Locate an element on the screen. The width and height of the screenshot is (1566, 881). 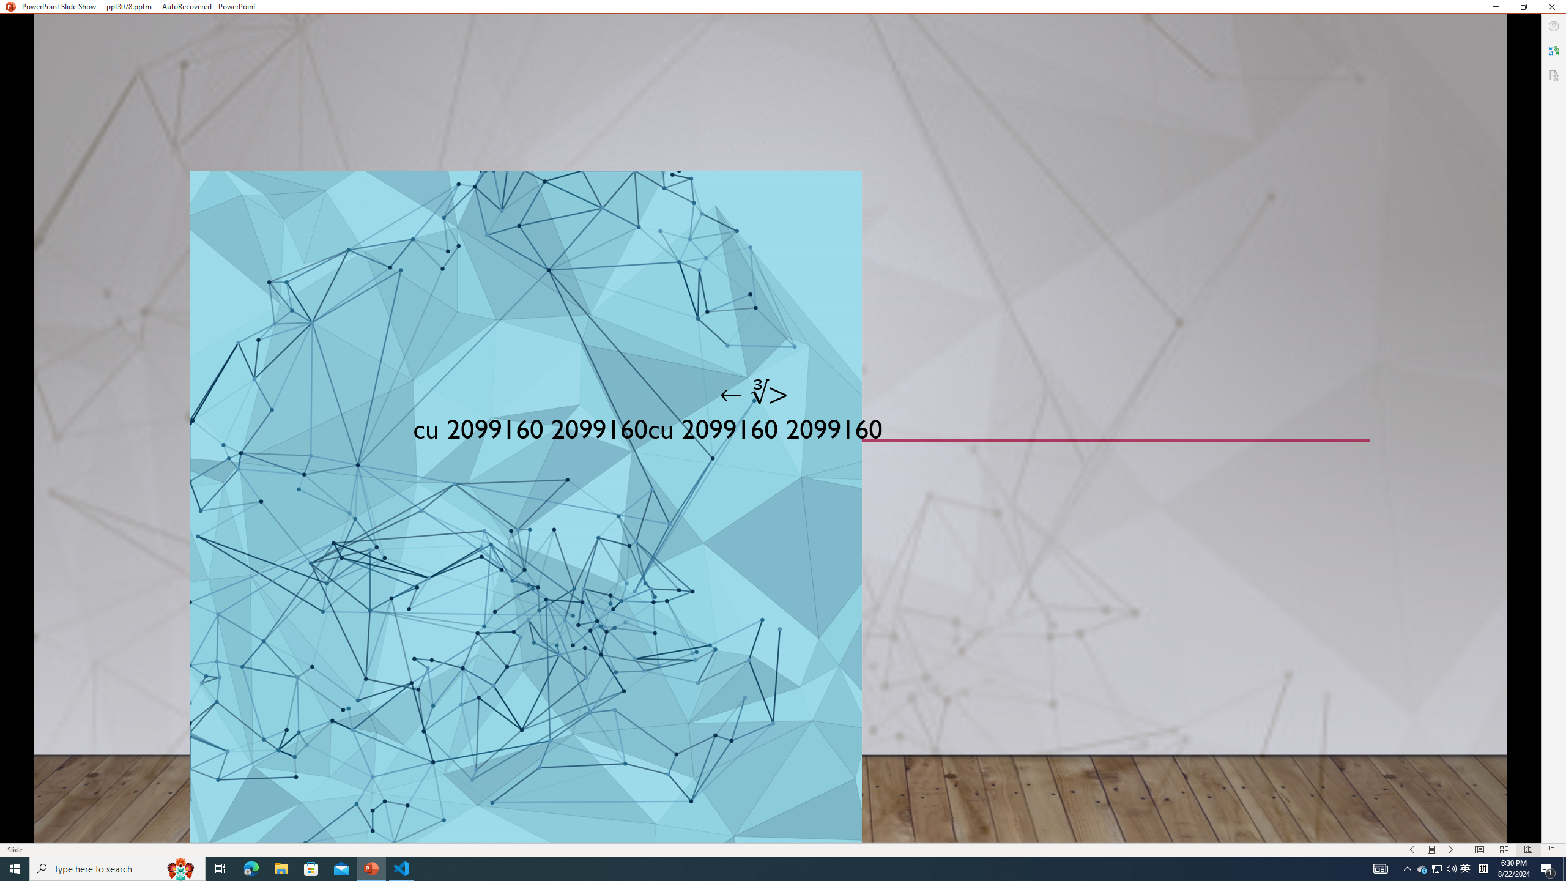
'Menu On' is located at coordinates (1431, 850).